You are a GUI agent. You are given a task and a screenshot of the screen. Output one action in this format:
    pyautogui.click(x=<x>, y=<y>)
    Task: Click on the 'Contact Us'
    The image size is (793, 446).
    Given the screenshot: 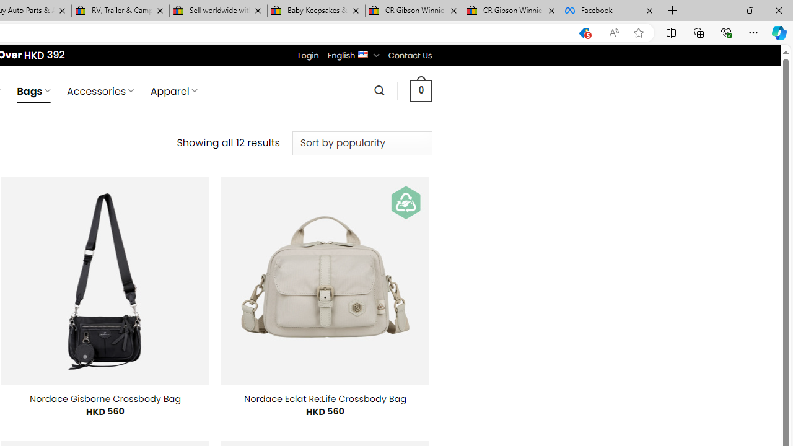 What is the action you would take?
    pyautogui.click(x=410, y=55)
    